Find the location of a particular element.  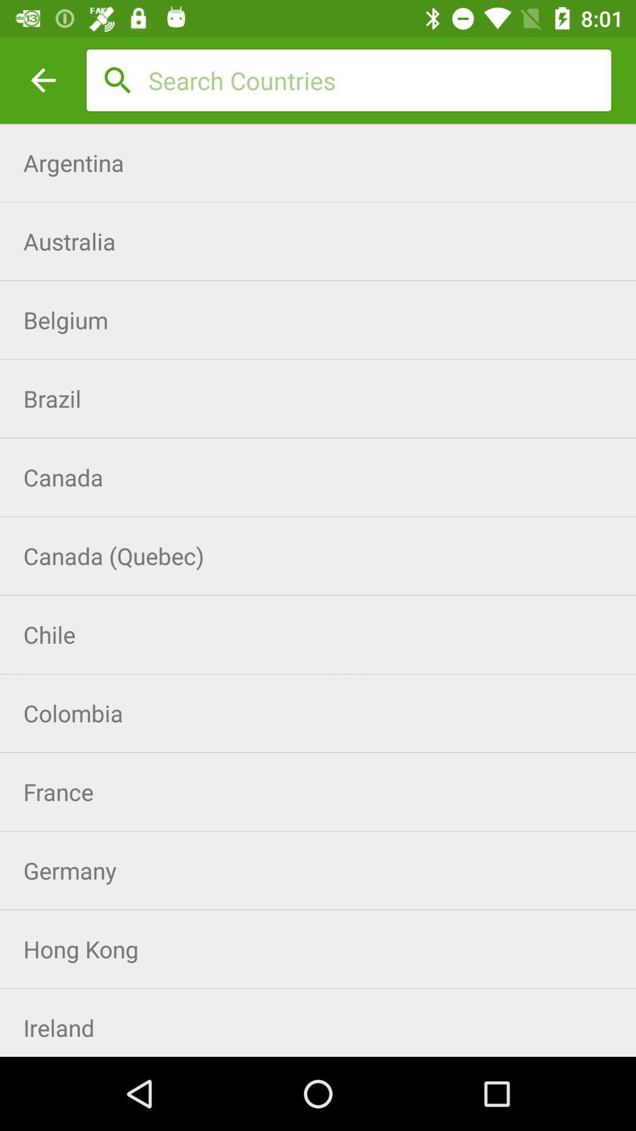

search is located at coordinates (379, 80).